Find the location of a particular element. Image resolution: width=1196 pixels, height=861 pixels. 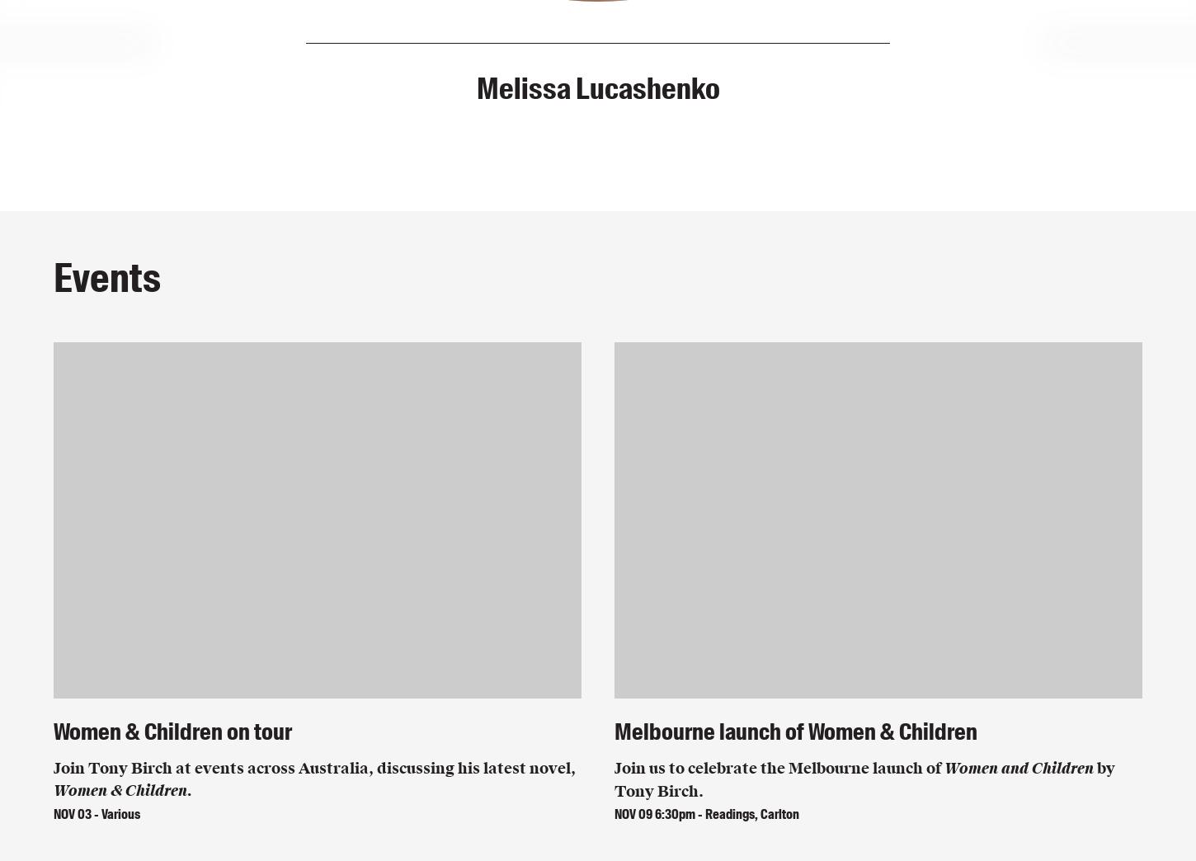

'Melbourne launch of Women & Children' is located at coordinates (794, 731).